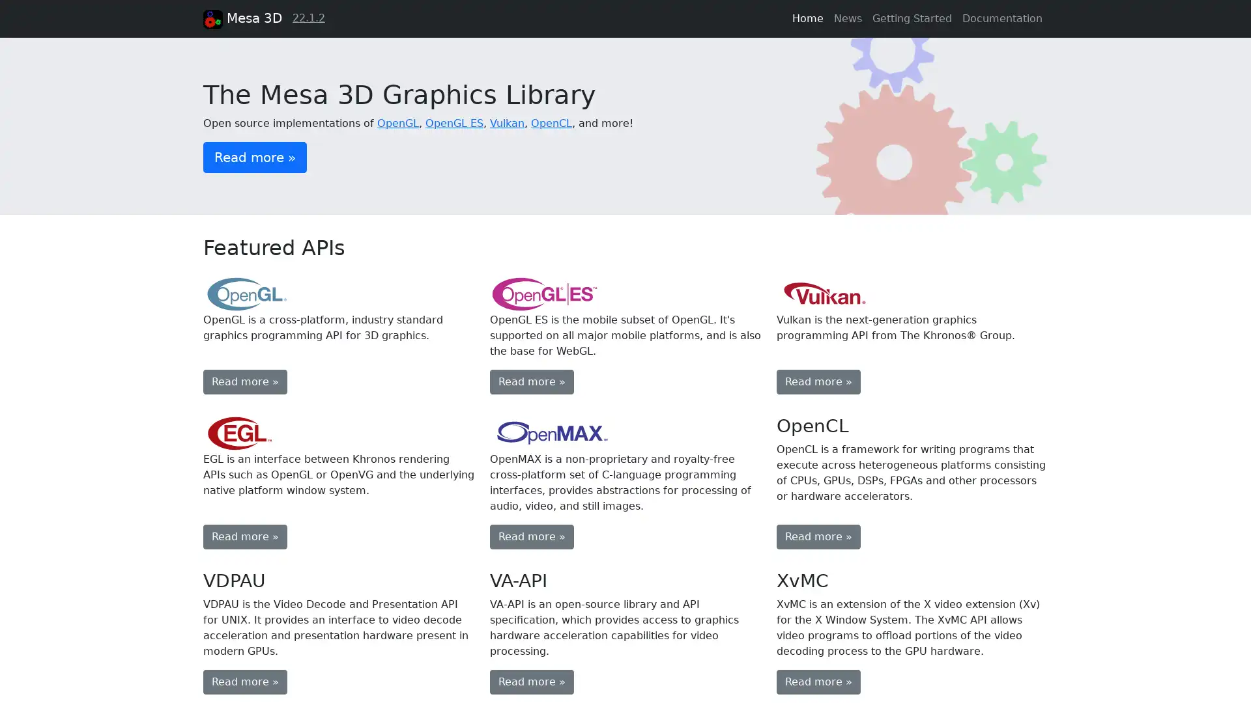 The image size is (1251, 703). Describe the element at coordinates (532, 682) in the screenshot. I see `Read more` at that location.